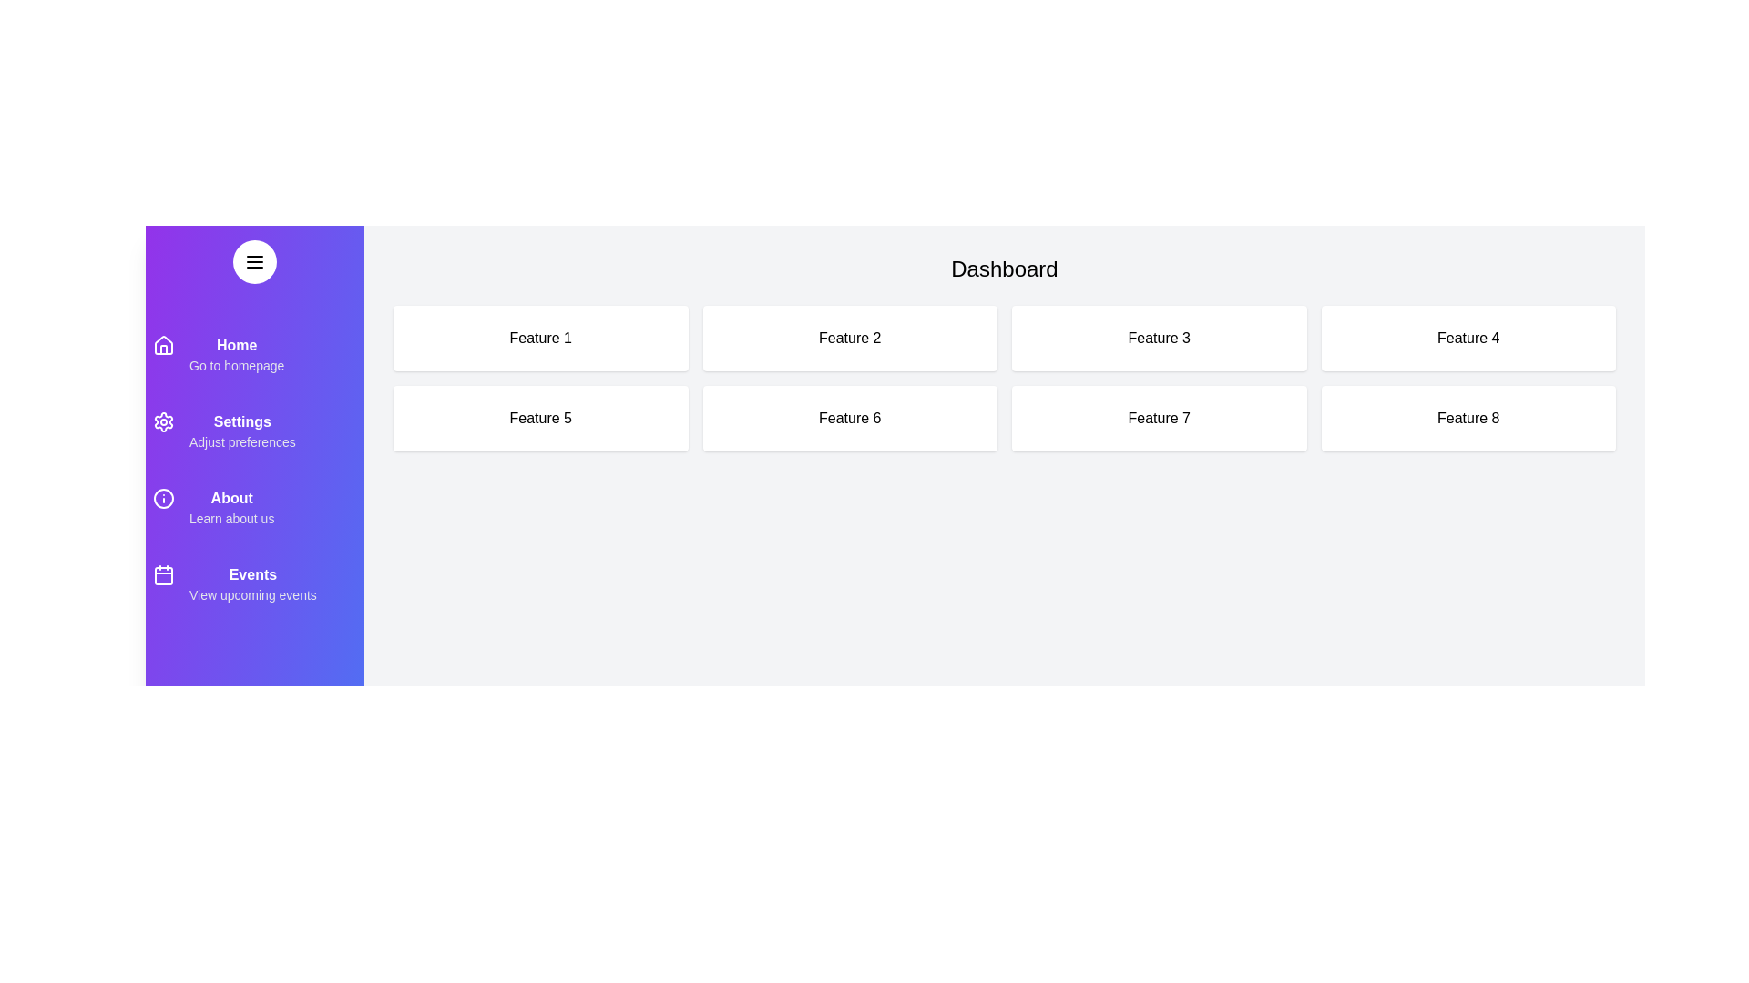 The width and height of the screenshot is (1749, 983). Describe the element at coordinates (253, 508) in the screenshot. I see `the menu item About` at that location.